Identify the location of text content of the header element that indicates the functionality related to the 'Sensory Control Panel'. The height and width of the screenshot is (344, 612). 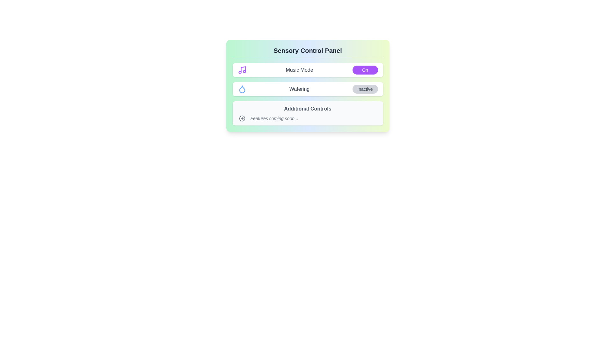
(308, 52).